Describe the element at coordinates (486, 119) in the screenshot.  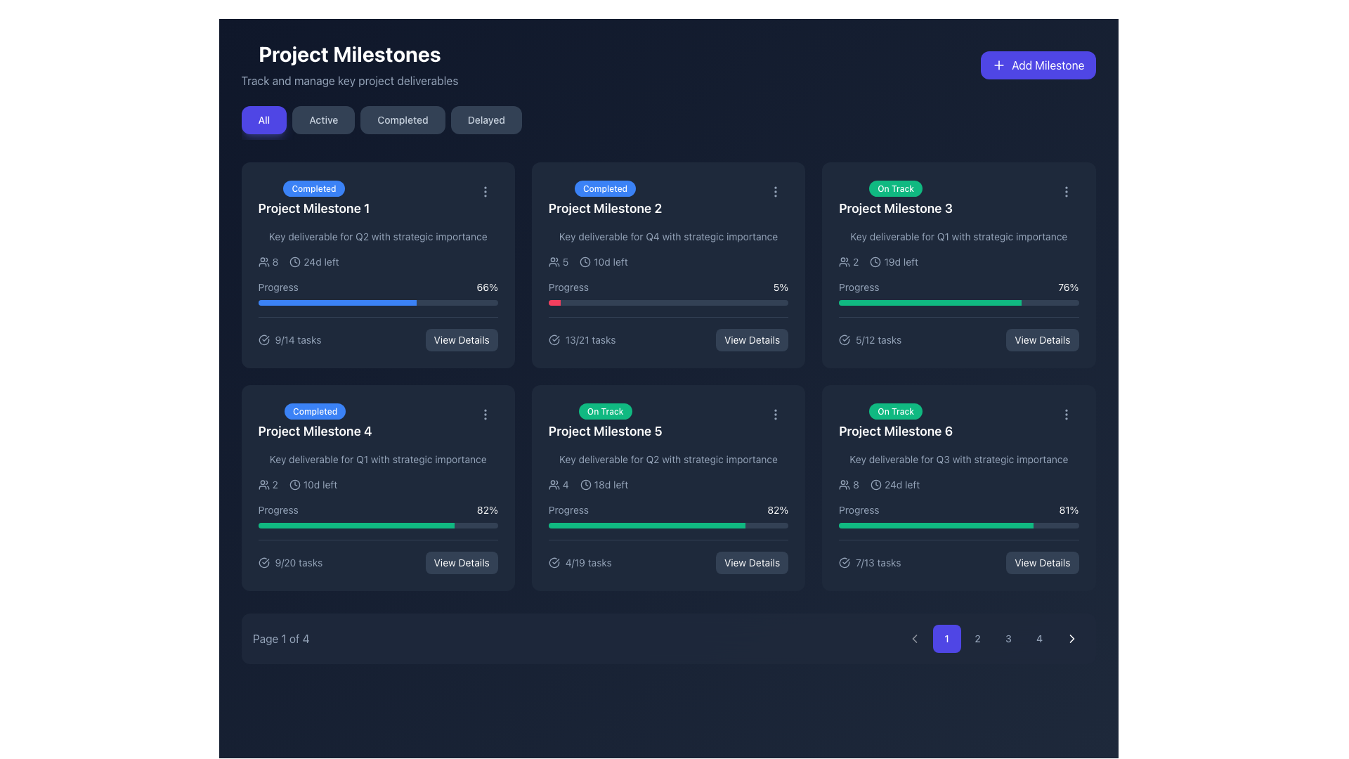
I see `the 'Delayed' button, which is the fourth button in a horizontal group beneath the 'Project Milestones' header, to filter the projects` at that location.